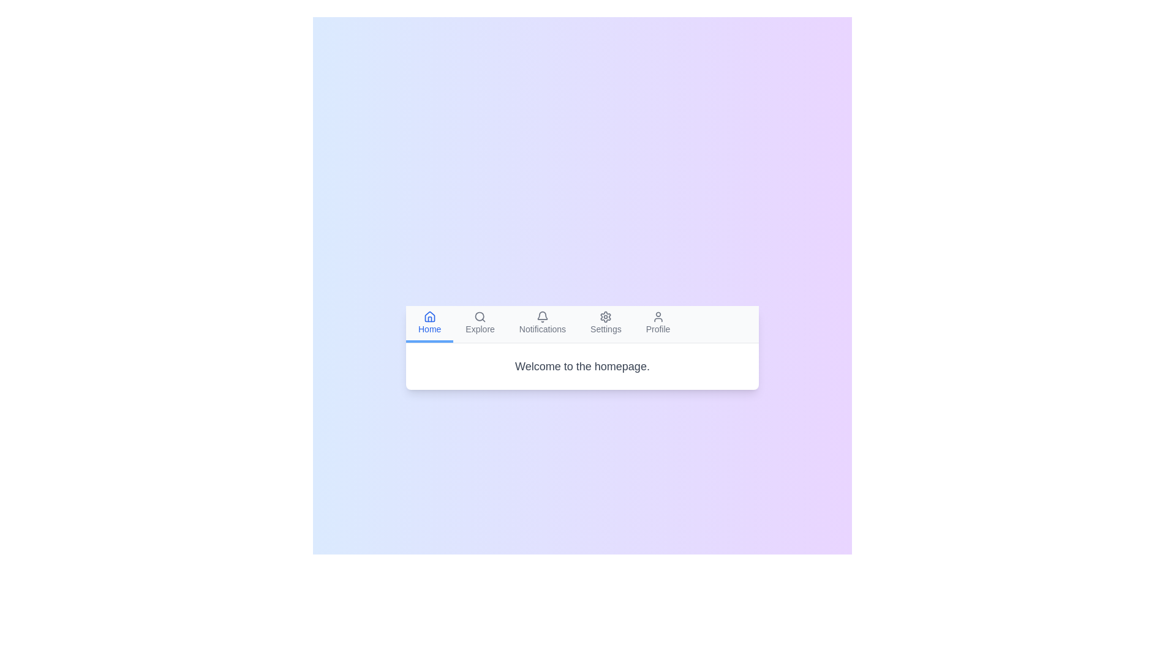 The width and height of the screenshot is (1176, 661). Describe the element at coordinates (541, 323) in the screenshot. I see `the tab labeled Notifications to select it` at that location.